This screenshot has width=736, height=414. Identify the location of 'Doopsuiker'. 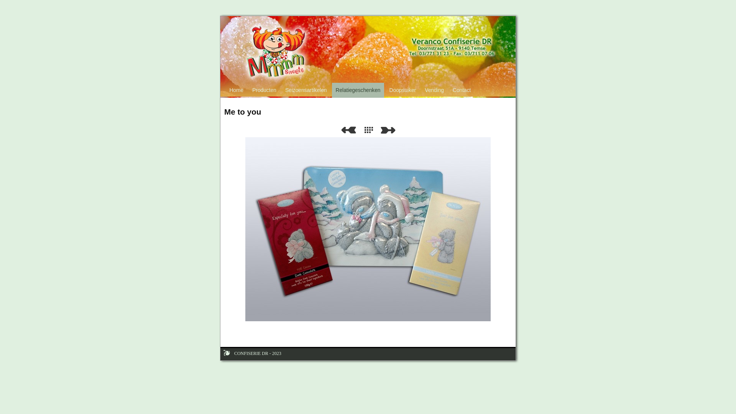
(386, 90).